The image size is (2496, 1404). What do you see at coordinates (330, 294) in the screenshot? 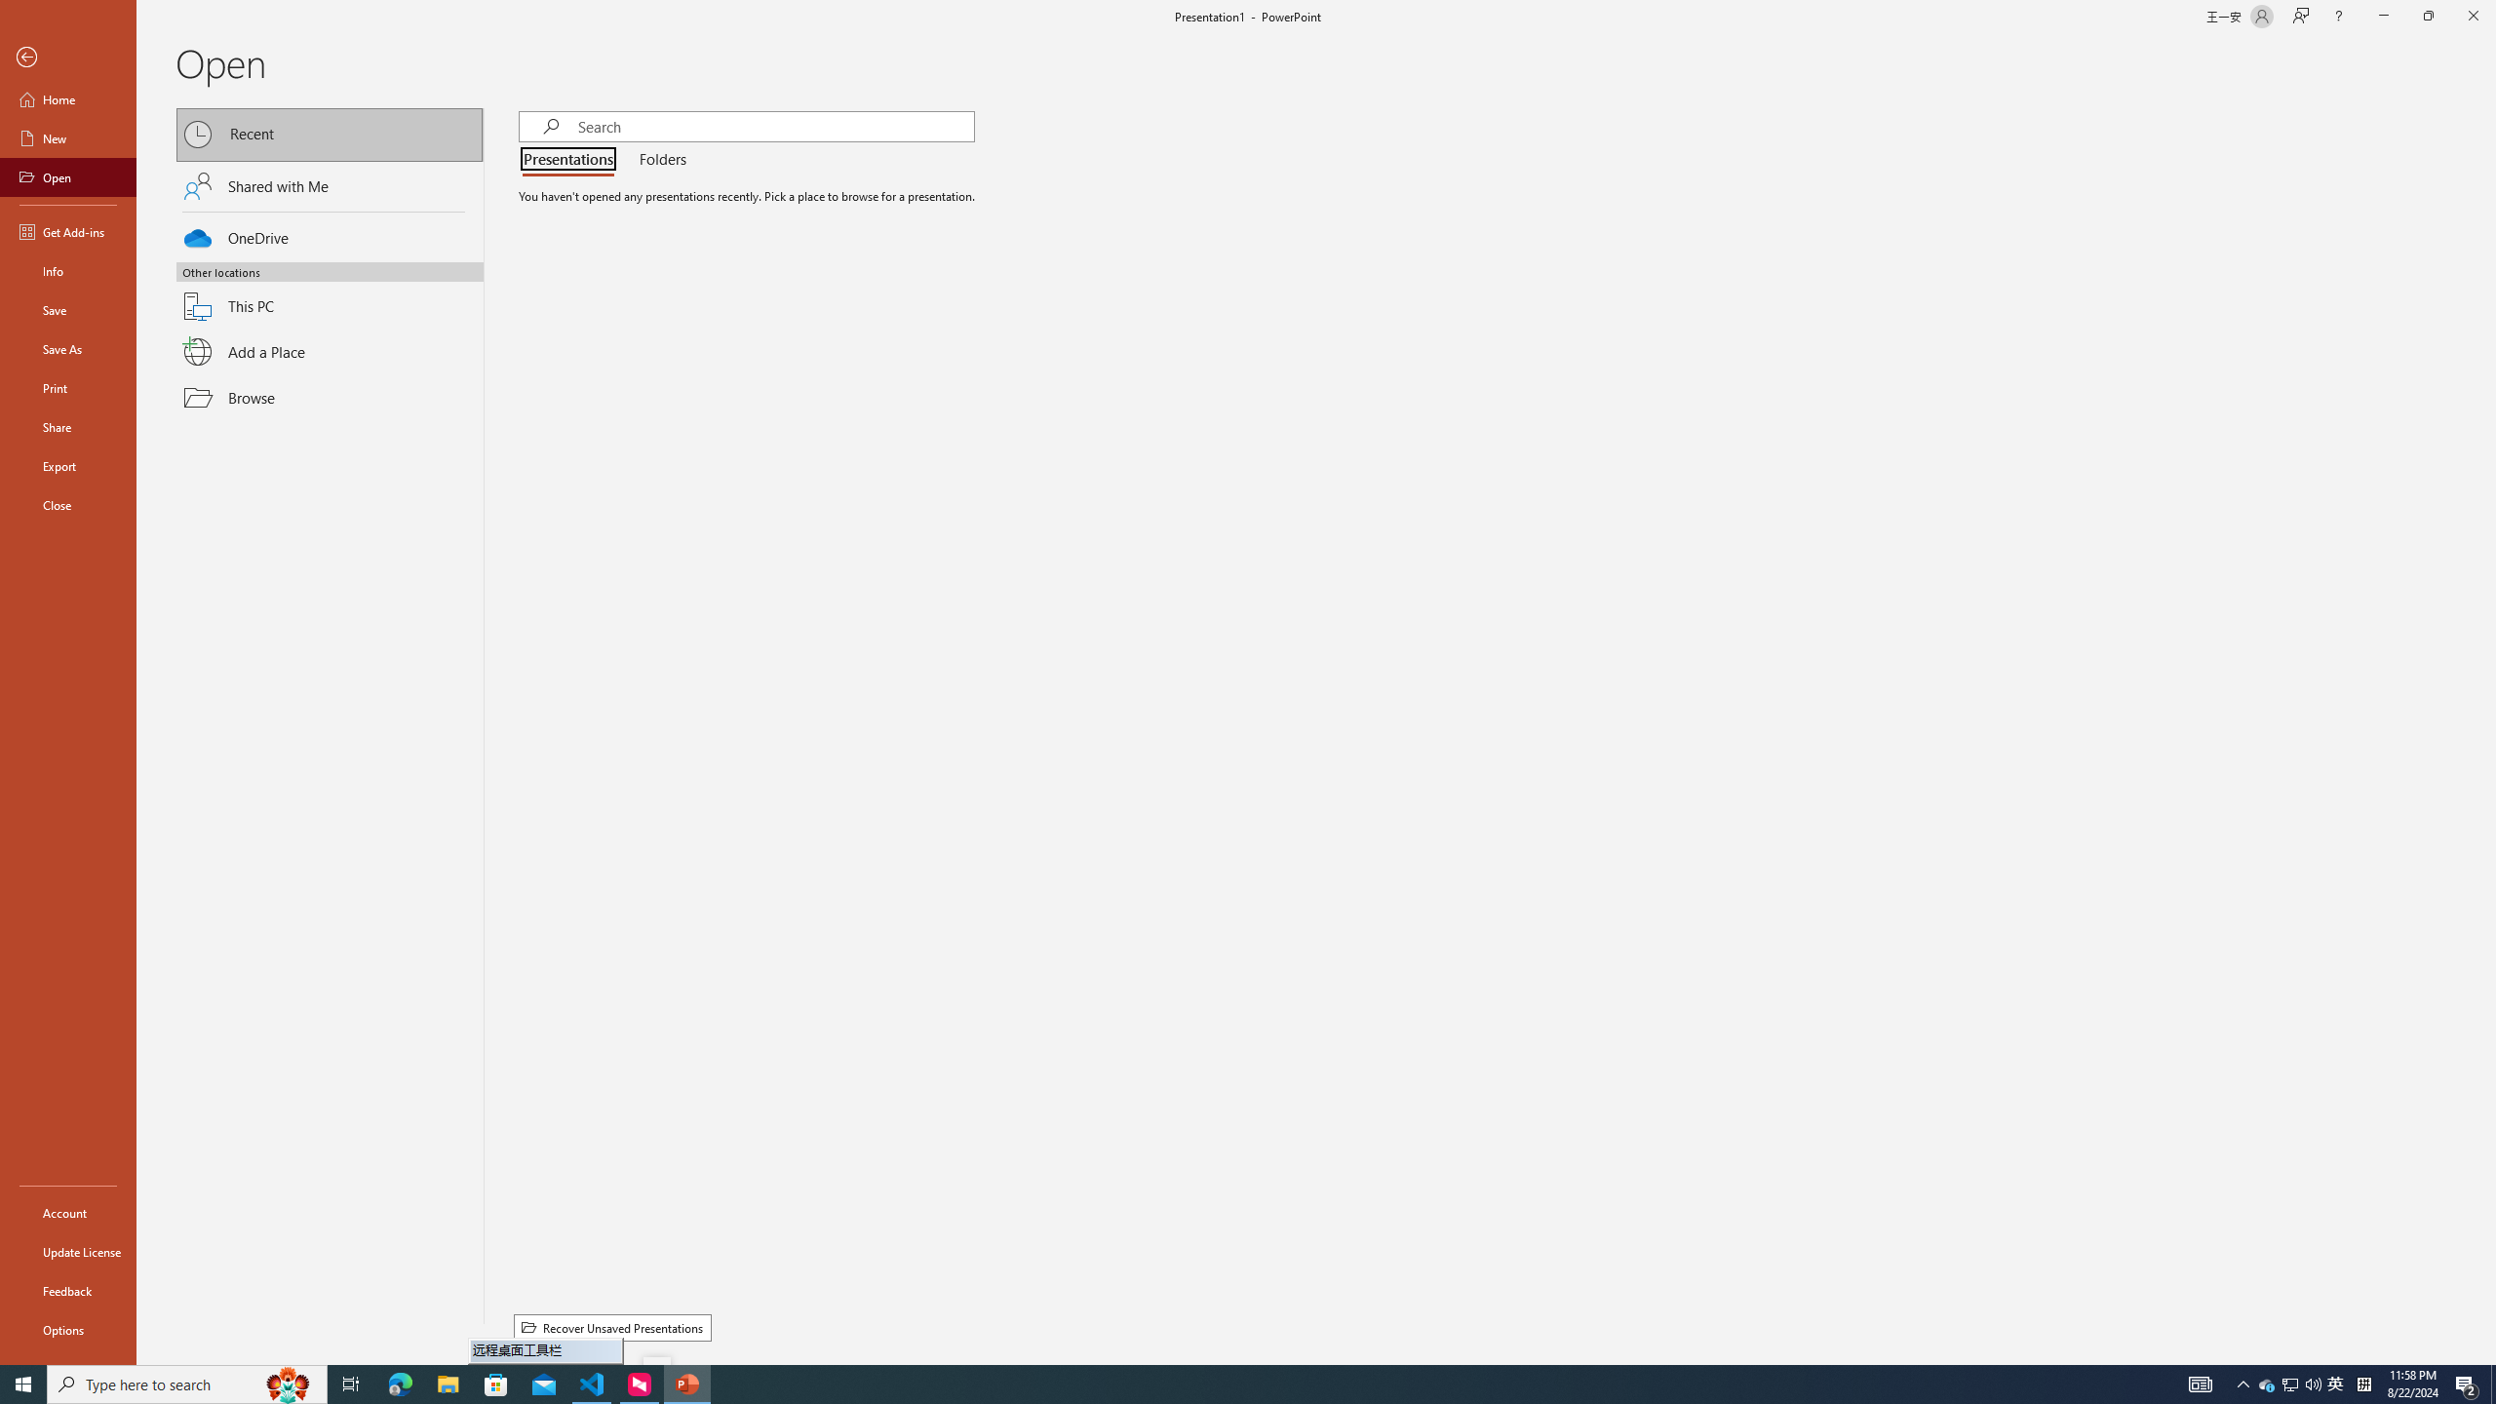
I see `'This PC'` at bounding box center [330, 294].